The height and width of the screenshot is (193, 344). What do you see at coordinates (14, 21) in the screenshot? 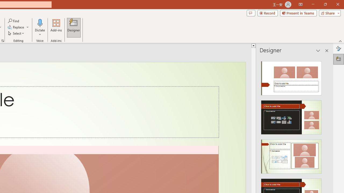
I see `'Find...'` at bounding box center [14, 21].